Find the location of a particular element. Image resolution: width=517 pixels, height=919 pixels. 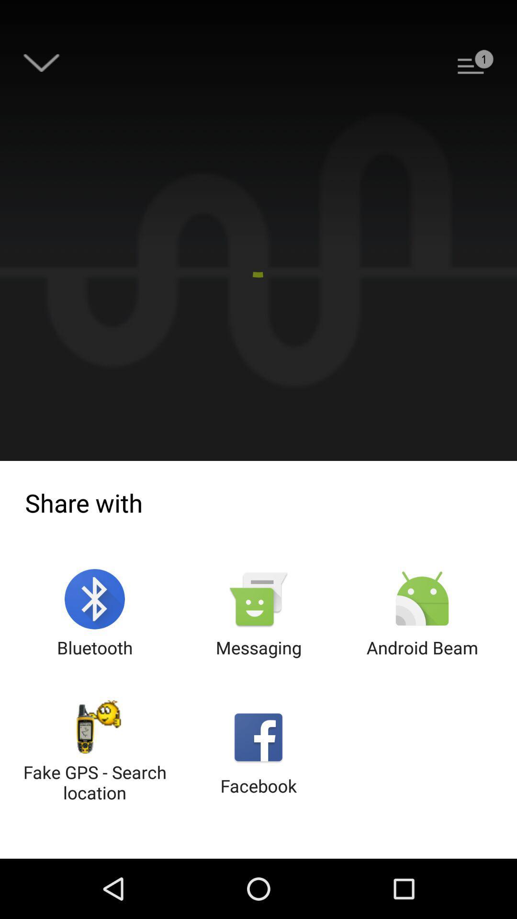

the icon next to messaging is located at coordinates (95, 614).